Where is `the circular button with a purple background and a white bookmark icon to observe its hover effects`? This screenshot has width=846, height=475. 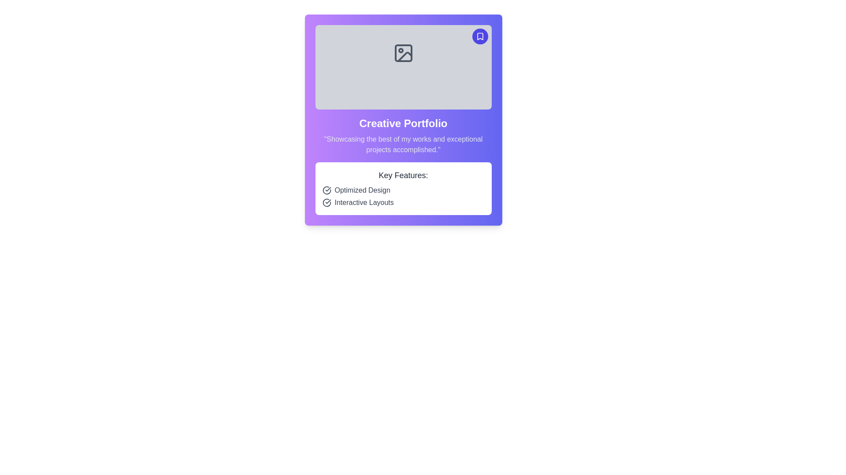
the circular button with a purple background and a white bookmark icon to observe its hover effects is located at coordinates (479, 36).